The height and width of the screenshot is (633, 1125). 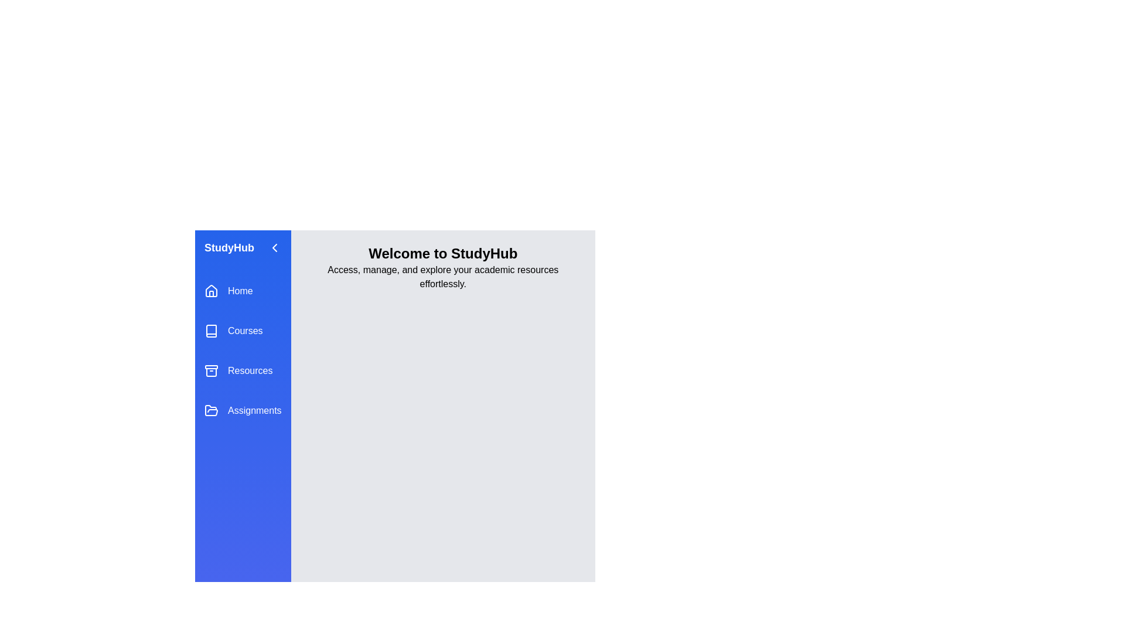 What do you see at coordinates (242, 370) in the screenshot?
I see `the menu item Resources from the drawer` at bounding box center [242, 370].